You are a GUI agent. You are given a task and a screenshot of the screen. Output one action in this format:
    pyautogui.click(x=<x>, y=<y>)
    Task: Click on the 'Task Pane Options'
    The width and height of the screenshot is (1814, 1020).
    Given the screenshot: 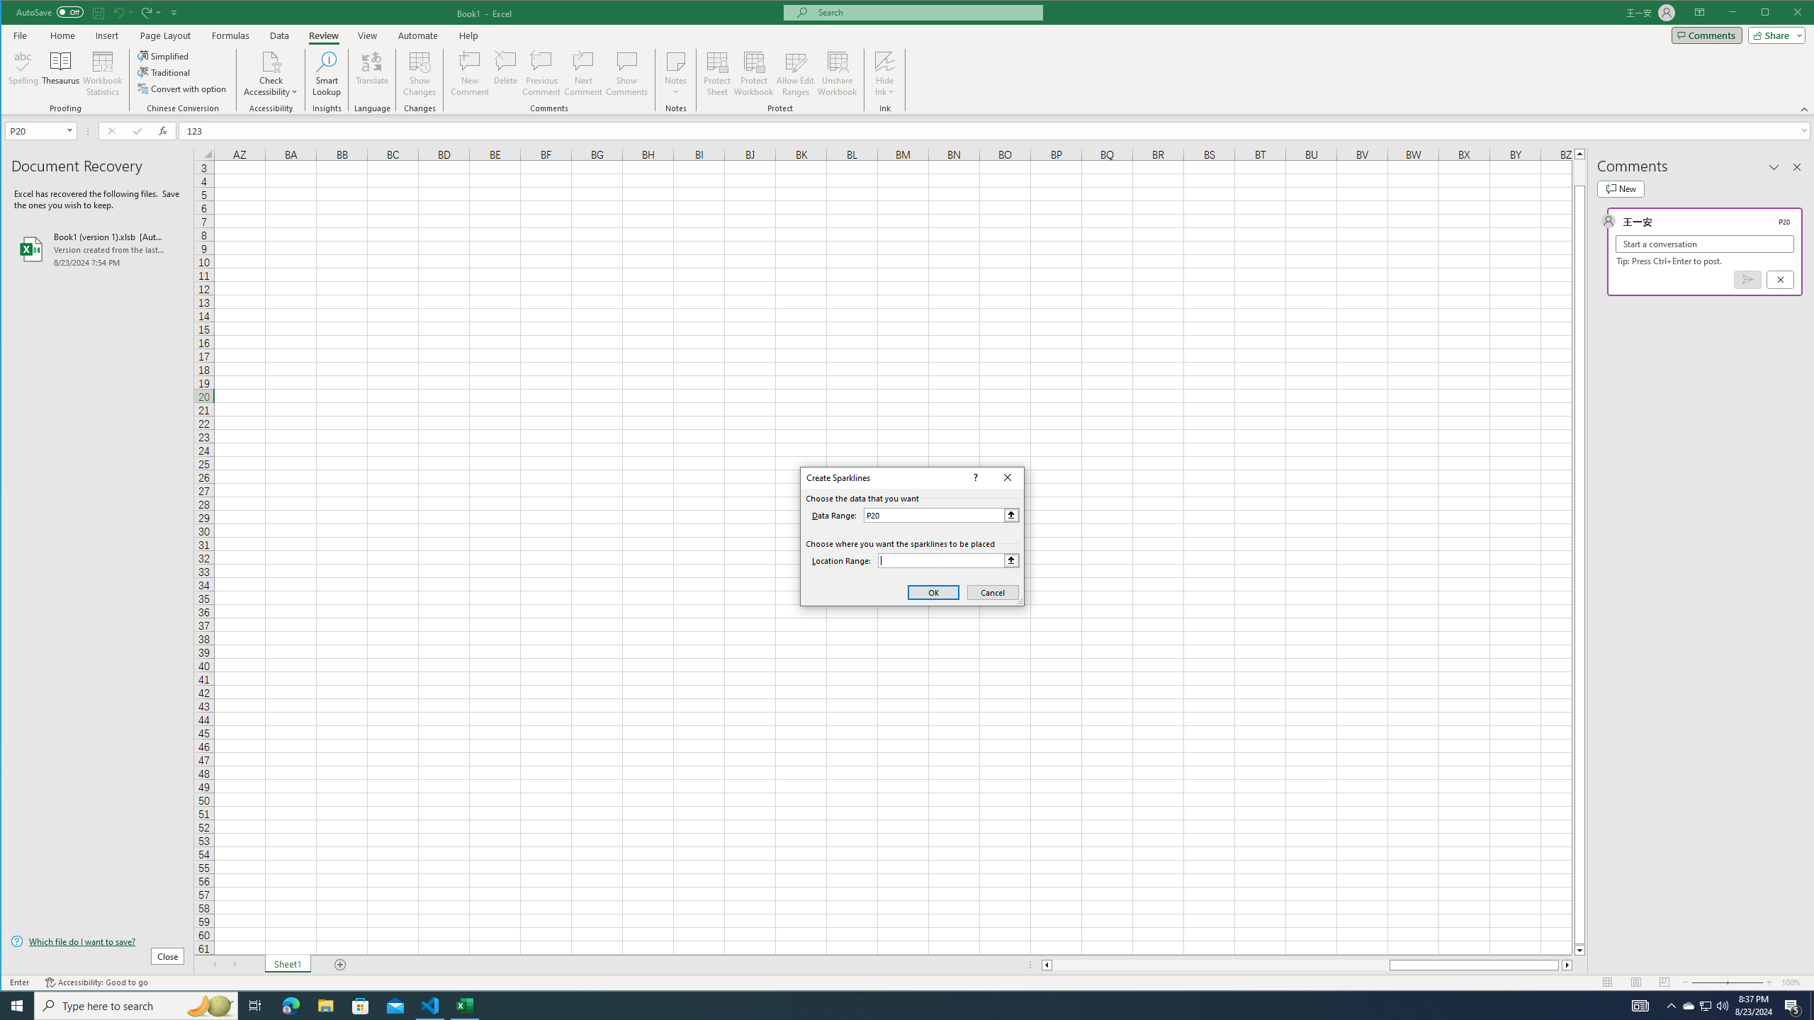 What is the action you would take?
    pyautogui.click(x=1773, y=166)
    